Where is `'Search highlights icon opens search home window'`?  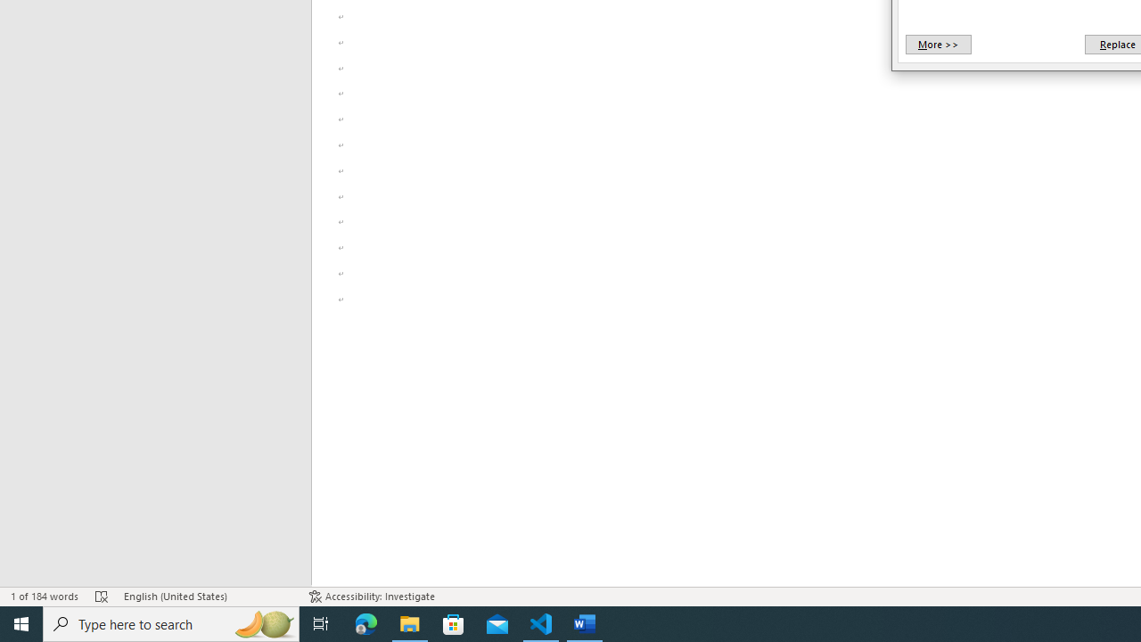
'Search highlights icon opens search home window' is located at coordinates (262, 622).